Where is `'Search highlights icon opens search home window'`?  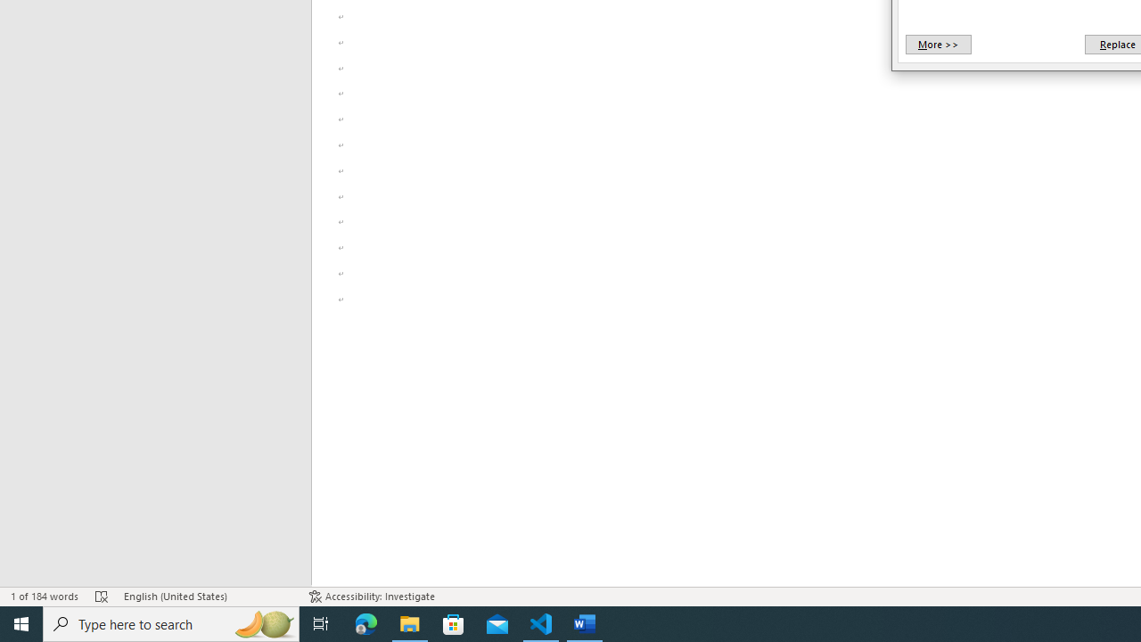
'Search highlights icon opens search home window' is located at coordinates (262, 622).